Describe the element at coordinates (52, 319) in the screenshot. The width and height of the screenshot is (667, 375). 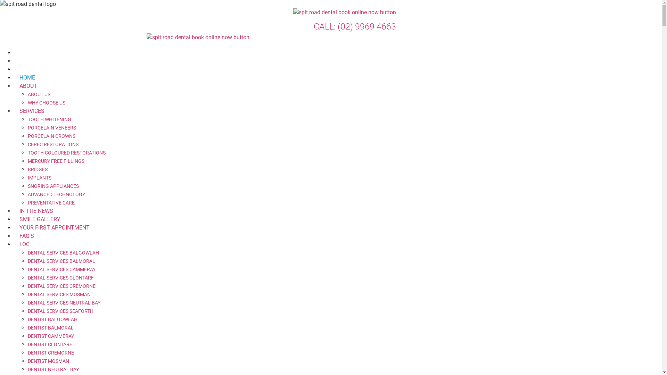
I see `'DENTIST BALGOWLAH'` at that location.